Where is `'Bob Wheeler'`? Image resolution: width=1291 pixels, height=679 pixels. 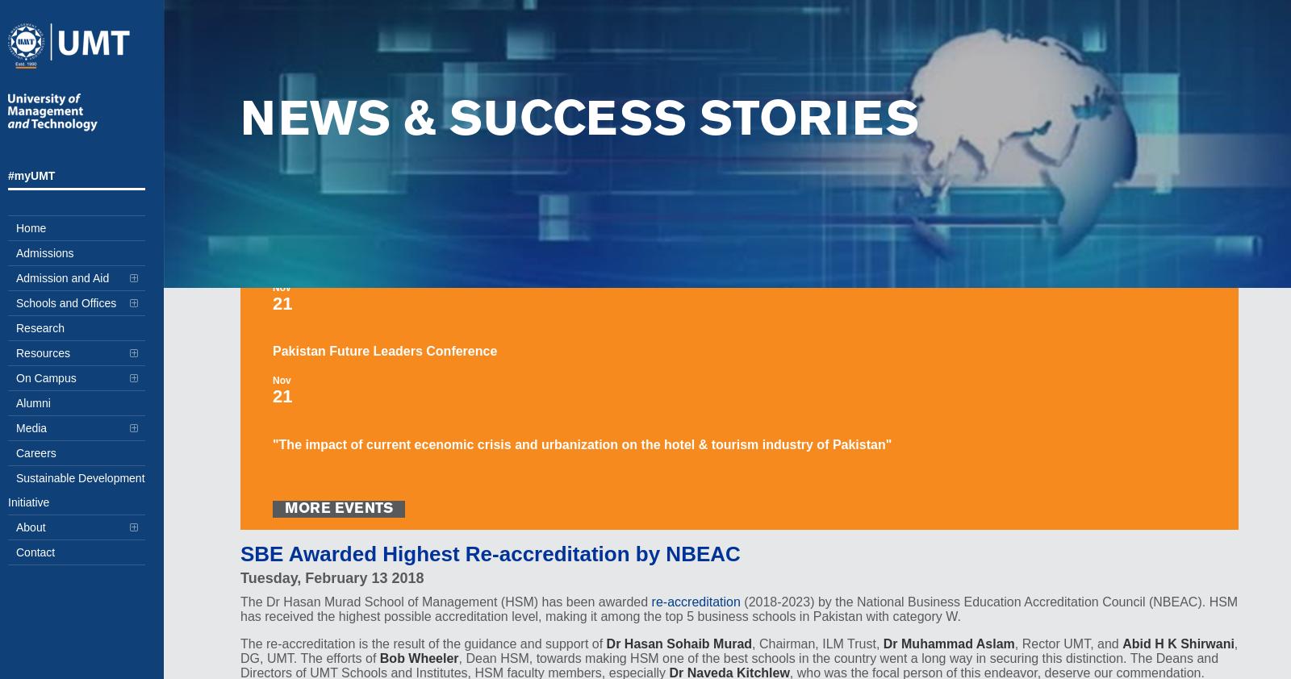 'Bob Wheeler' is located at coordinates (418, 657).